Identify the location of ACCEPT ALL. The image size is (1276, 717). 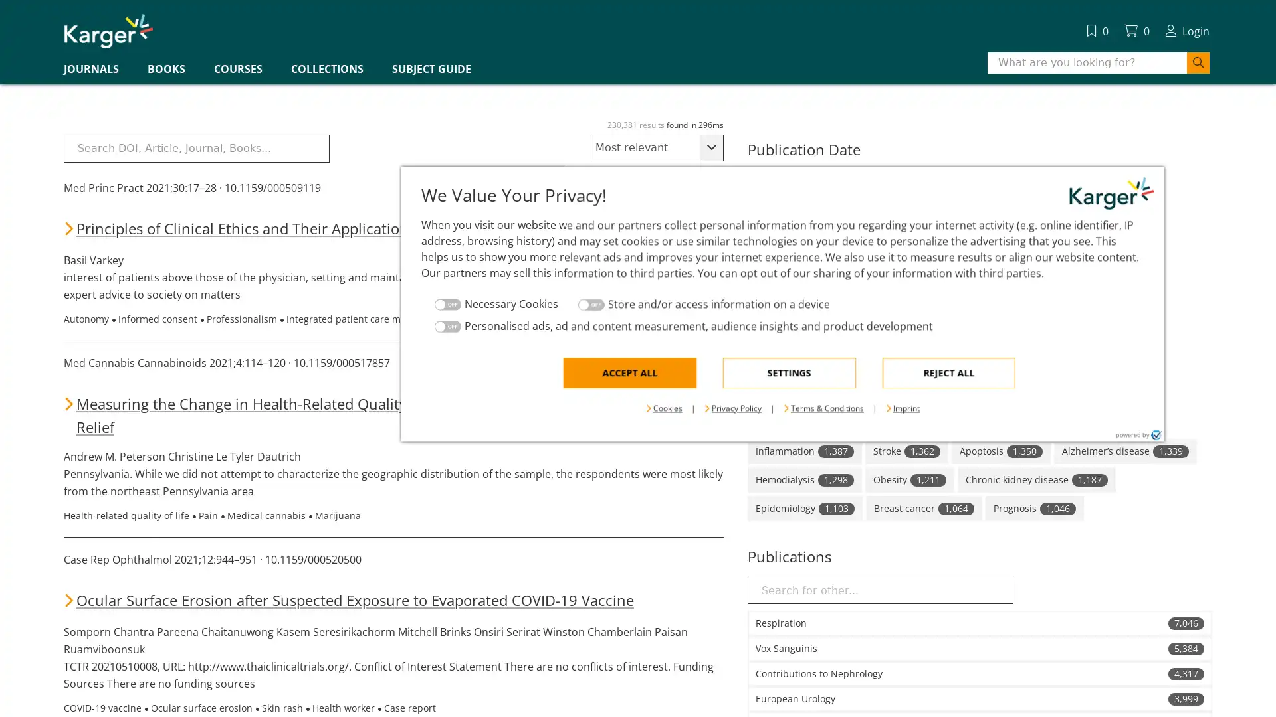
(484, 428).